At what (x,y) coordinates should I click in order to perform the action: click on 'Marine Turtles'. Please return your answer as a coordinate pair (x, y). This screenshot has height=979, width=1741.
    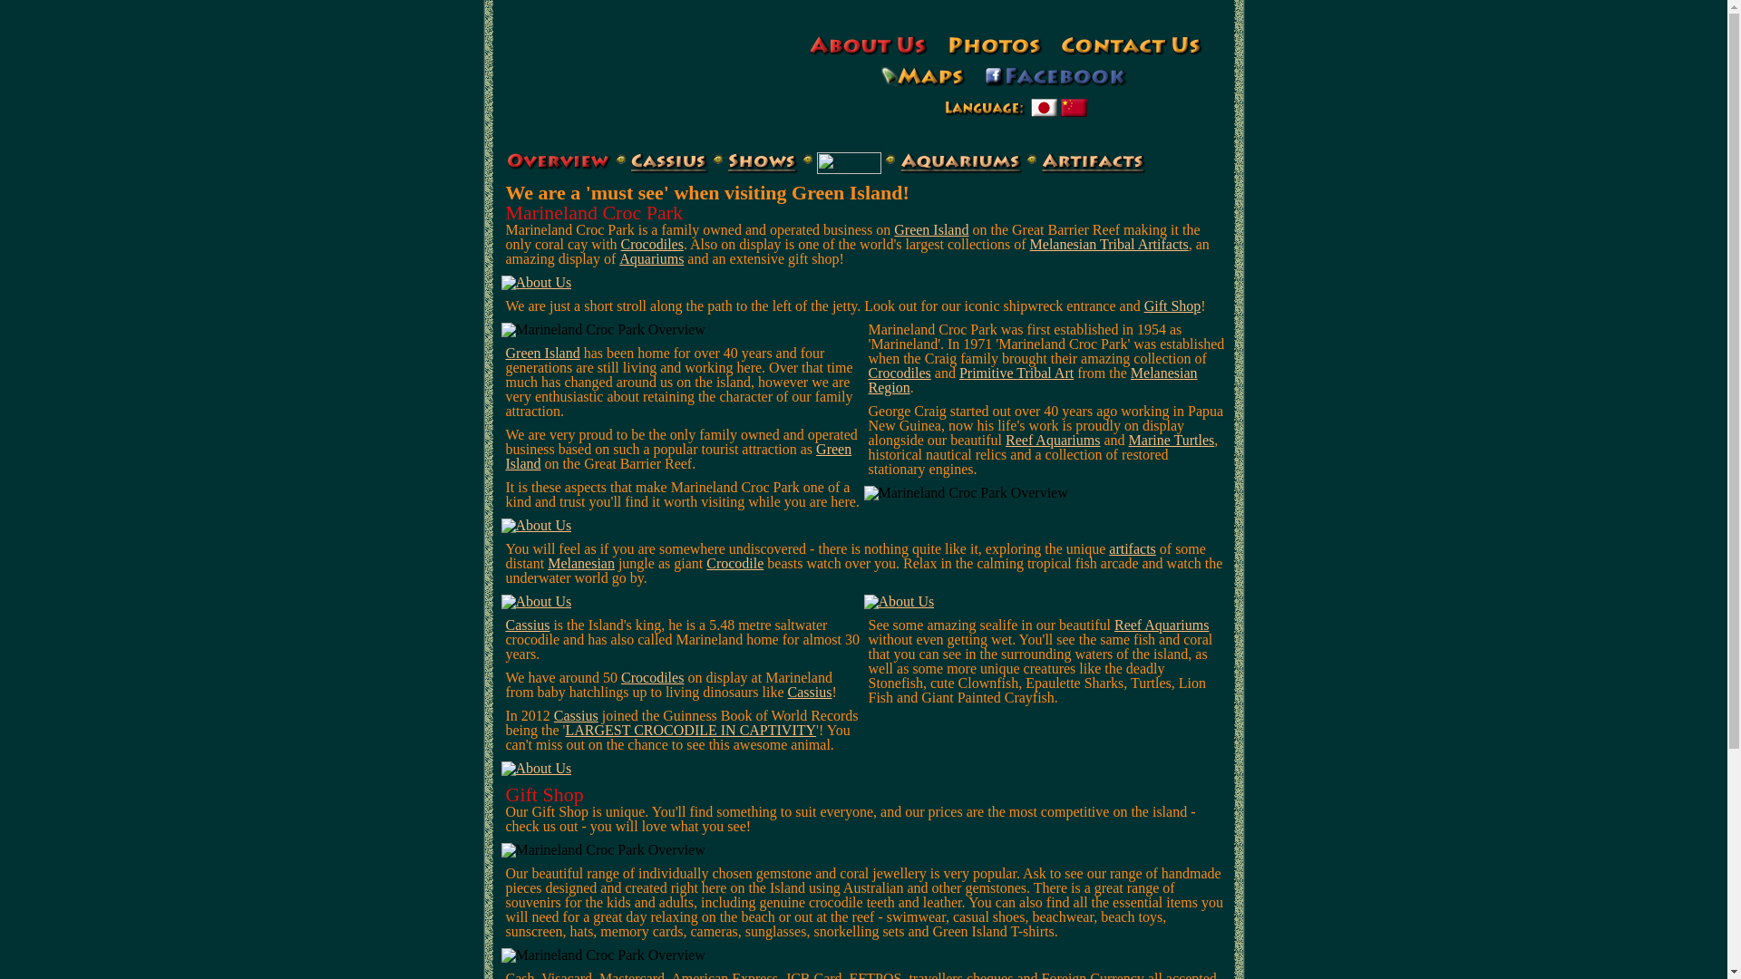
    Looking at the image, I should click on (1172, 440).